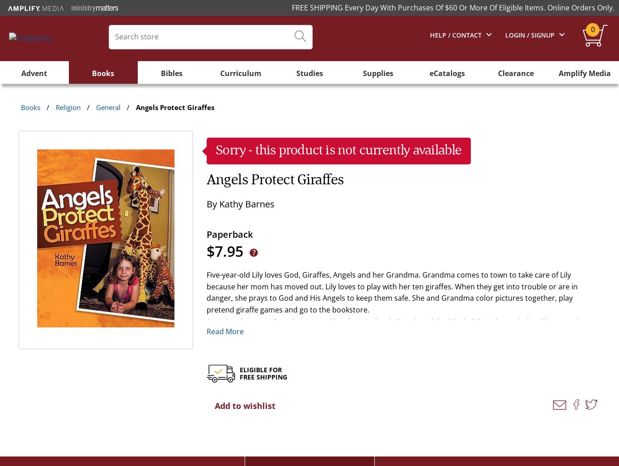 The height and width of the screenshot is (466, 619). I want to click on '0', so click(592, 29).